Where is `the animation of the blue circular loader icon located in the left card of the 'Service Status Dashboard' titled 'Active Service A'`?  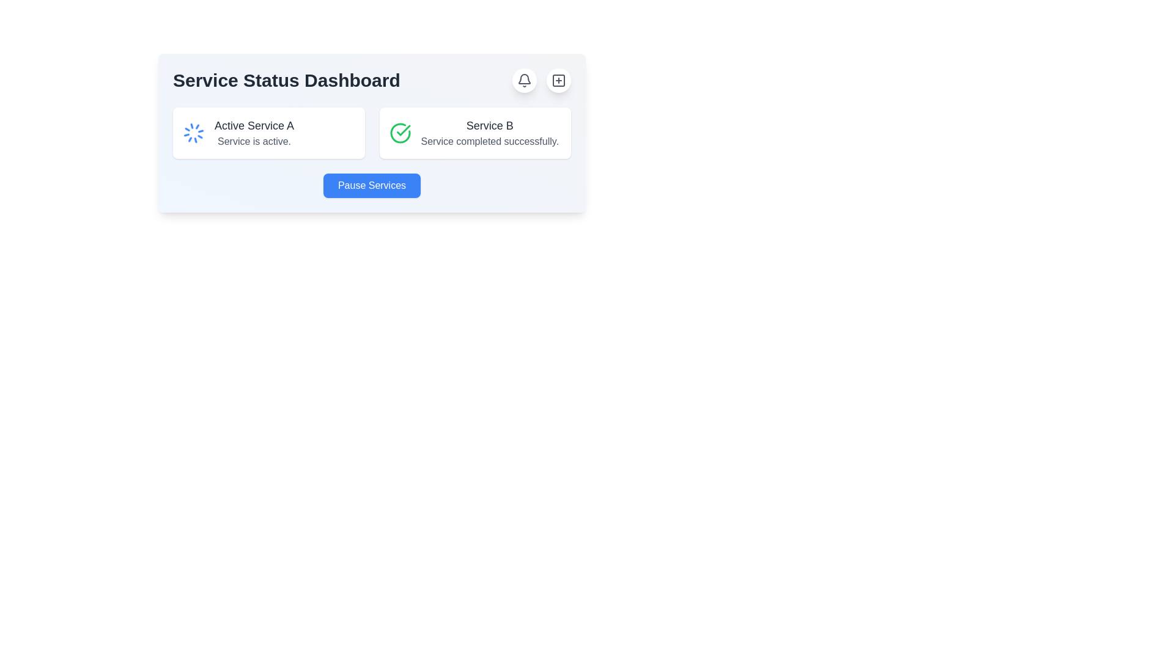
the animation of the blue circular loader icon located in the left card of the 'Service Status Dashboard' titled 'Active Service A' is located at coordinates (193, 133).